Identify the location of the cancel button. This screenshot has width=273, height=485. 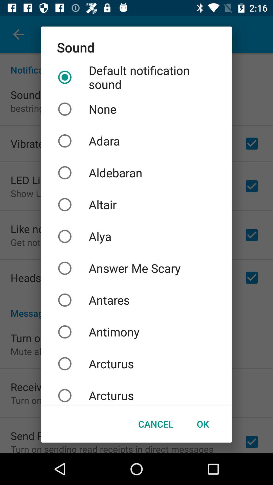
(155, 424).